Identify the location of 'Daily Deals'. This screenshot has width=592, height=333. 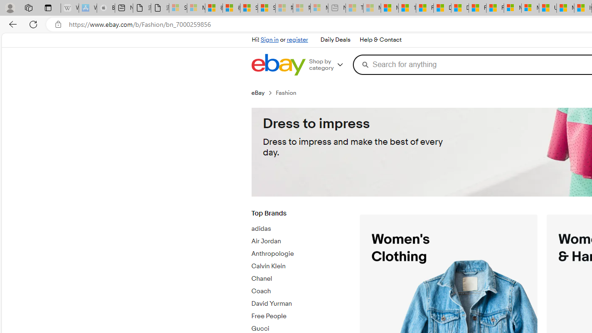
(335, 40).